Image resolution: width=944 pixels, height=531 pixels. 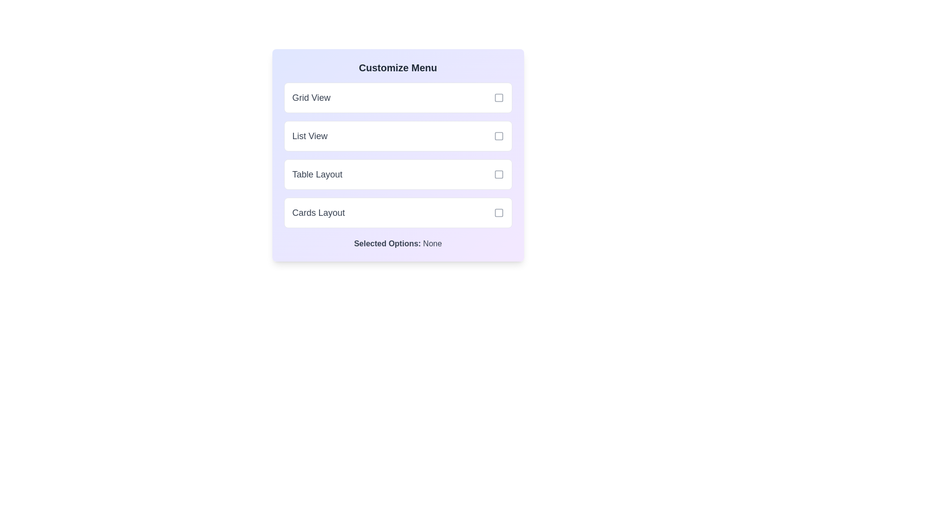 What do you see at coordinates (499, 136) in the screenshot?
I see `the 'List View' checkbox in the 'Customize Menu' section to provide visual feedback` at bounding box center [499, 136].